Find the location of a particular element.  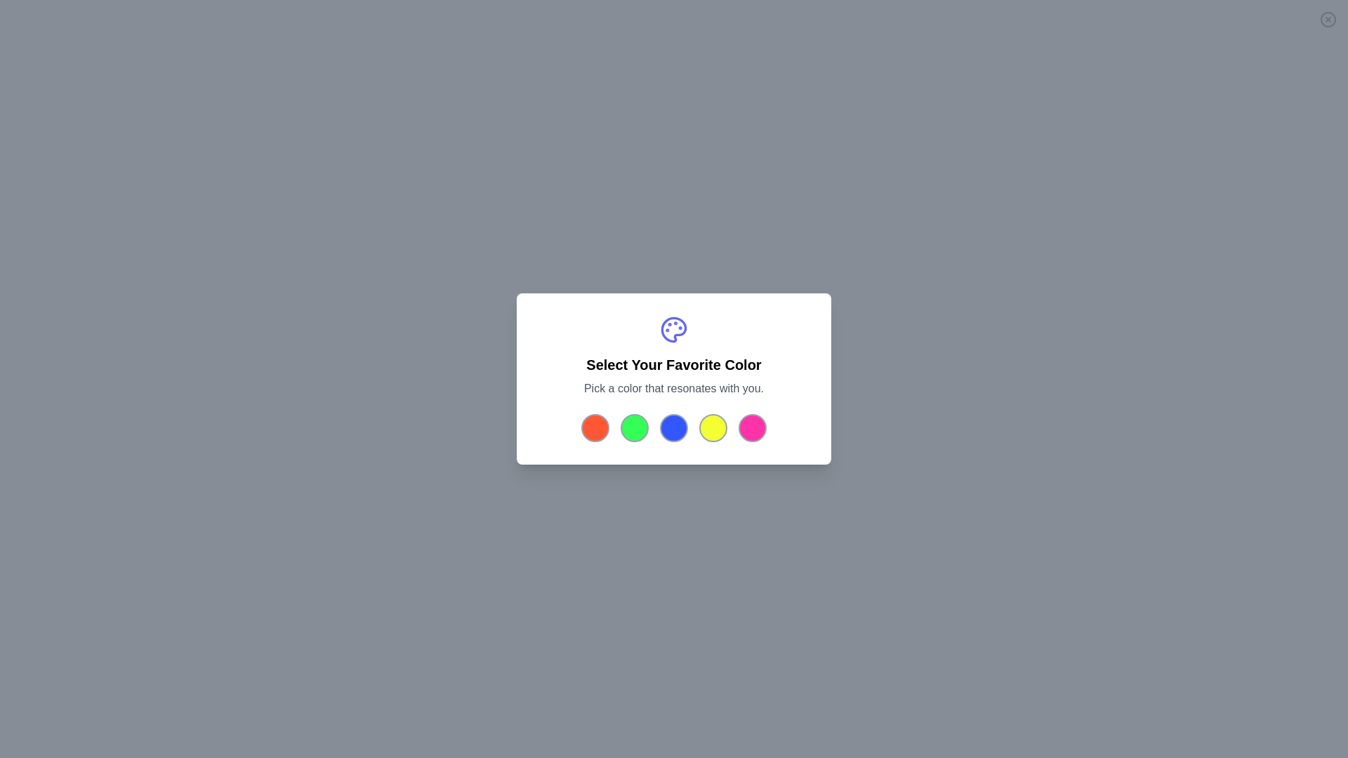

the color button corresponding to yellow is located at coordinates (713, 427).